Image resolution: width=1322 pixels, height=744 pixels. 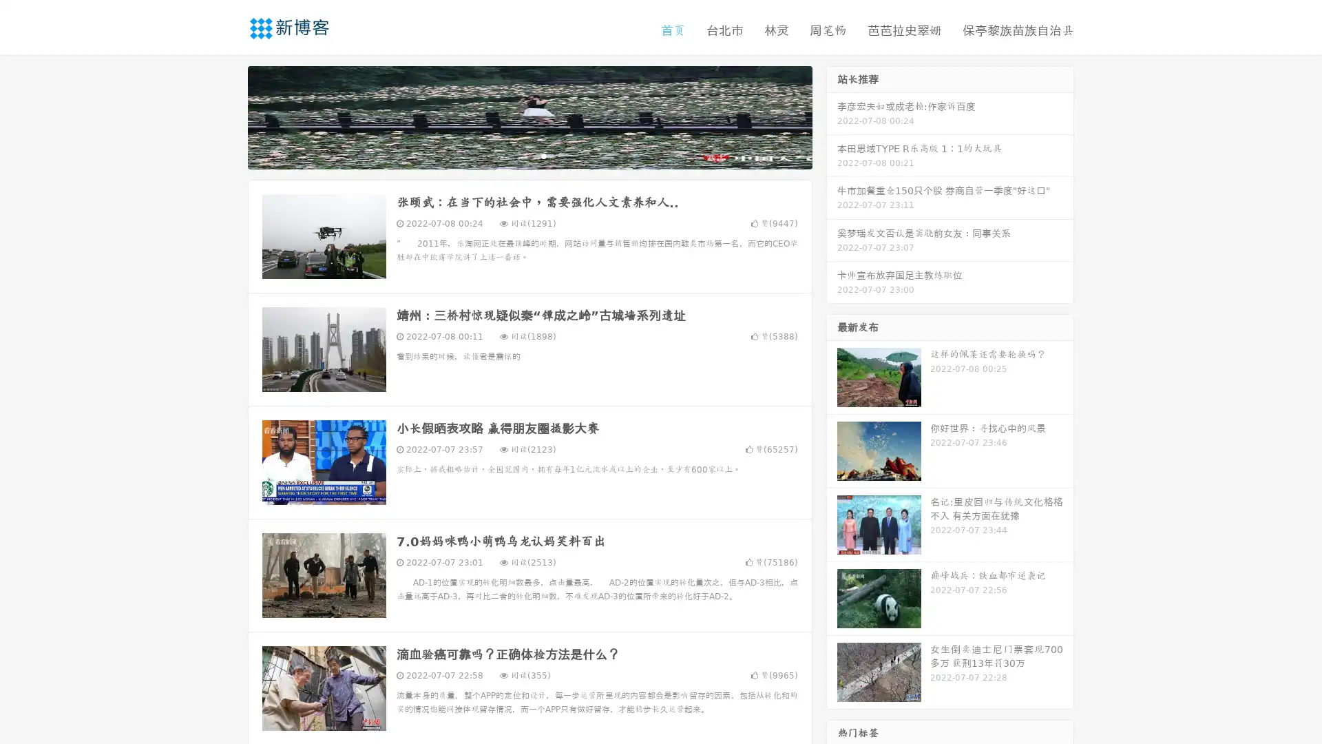 I want to click on Go to slide 3, so click(x=543, y=155).